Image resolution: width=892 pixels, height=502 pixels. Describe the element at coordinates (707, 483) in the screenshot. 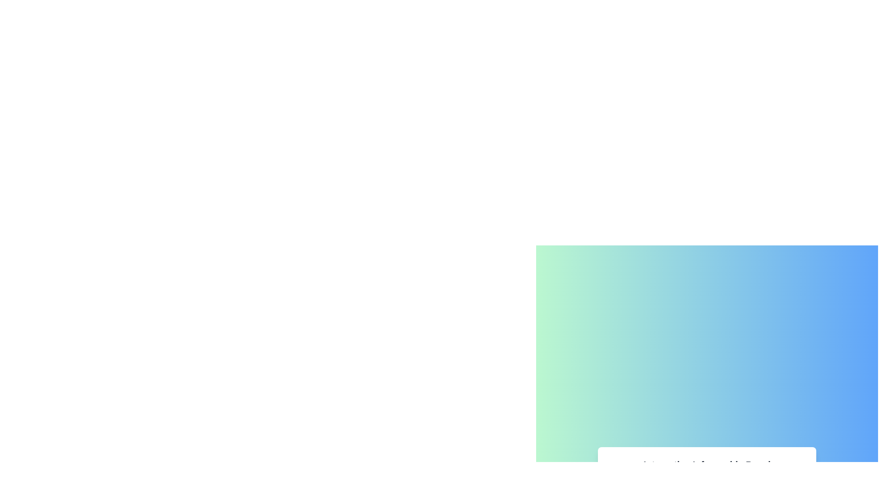

I see `the second button in the bottom row that triggers alerts, located between the blue 'Security Info' button and the green 'General Info' button` at that location.